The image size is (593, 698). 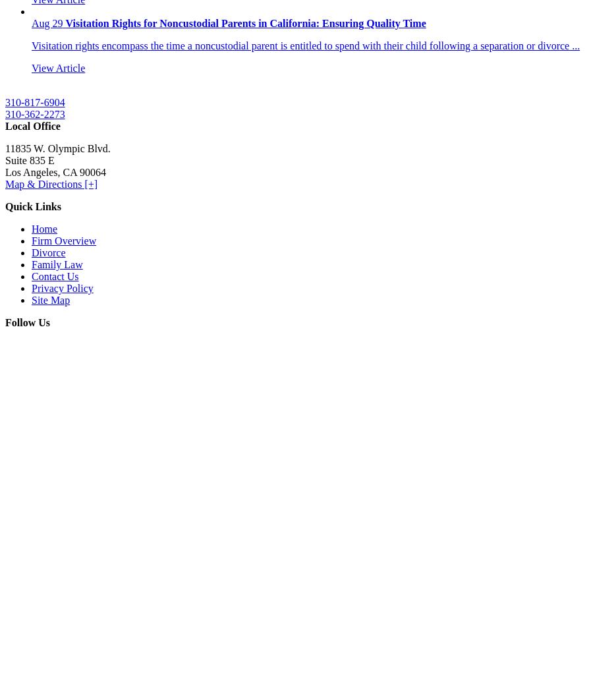 What do you see at coordinates (54, 276) in the screenshot?
I see `'Contact Us'` at bounding box center [54, 276].